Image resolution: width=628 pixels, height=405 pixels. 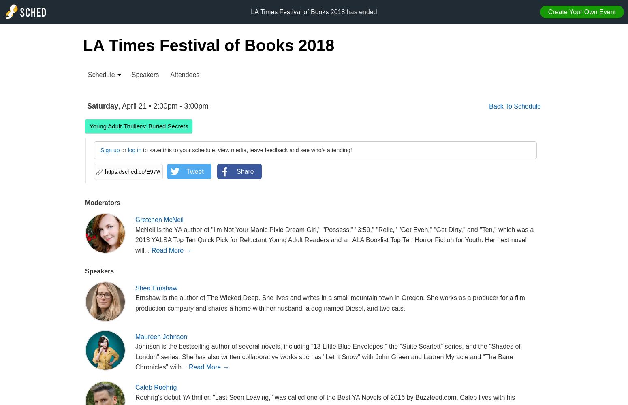 What do you see at coordinates (138, 126) in the screenshot?
I see `'Young Adult Thrillers: Buried Secrets'` at bounding box center [138, 126].